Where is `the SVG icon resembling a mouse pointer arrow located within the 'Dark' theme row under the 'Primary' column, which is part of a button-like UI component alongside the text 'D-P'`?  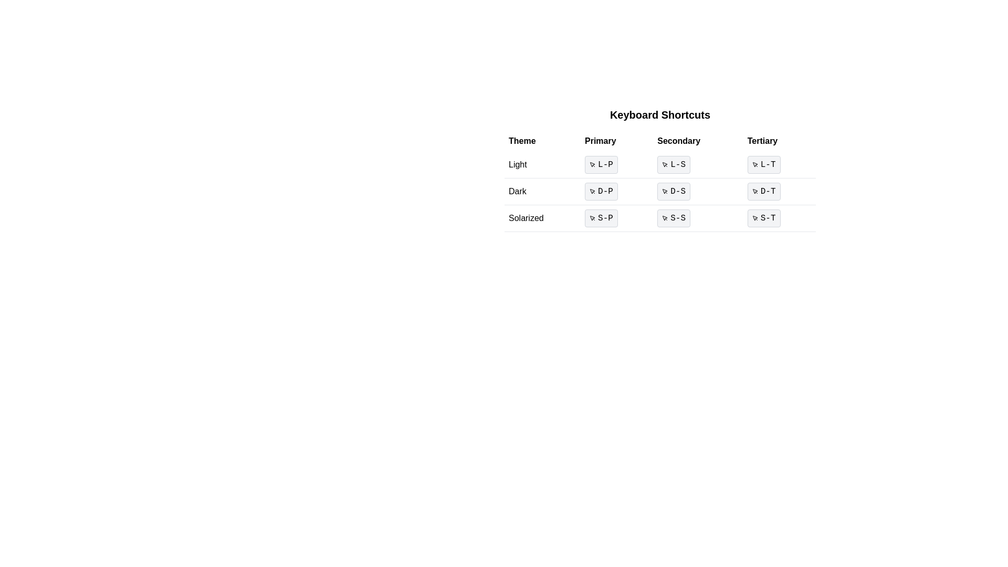
the SVG icon resembling a mouse pointer arrow located within the 'Dark' theme row under the 'Primary' column, which is part of a button-like UI component alongside the text 'D-P' is located at coordinates (592, 192).